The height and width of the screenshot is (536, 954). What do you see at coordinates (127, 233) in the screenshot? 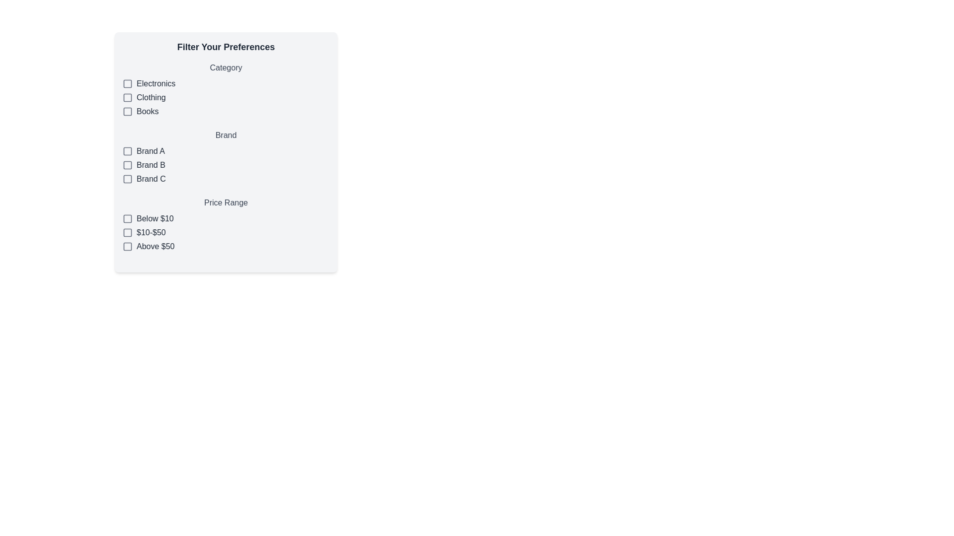
I see `the checkbox for the price range '$10-$50'` at bounding box center [127, 233].